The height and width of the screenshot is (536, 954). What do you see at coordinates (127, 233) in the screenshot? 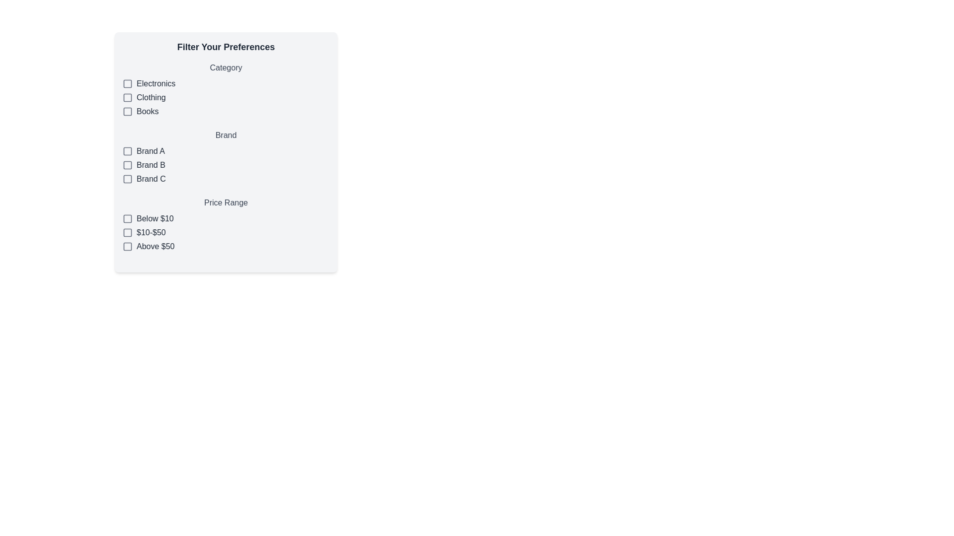
I see `the checkbox for the price range '$10-$50'` at bounding box center [127, 233].